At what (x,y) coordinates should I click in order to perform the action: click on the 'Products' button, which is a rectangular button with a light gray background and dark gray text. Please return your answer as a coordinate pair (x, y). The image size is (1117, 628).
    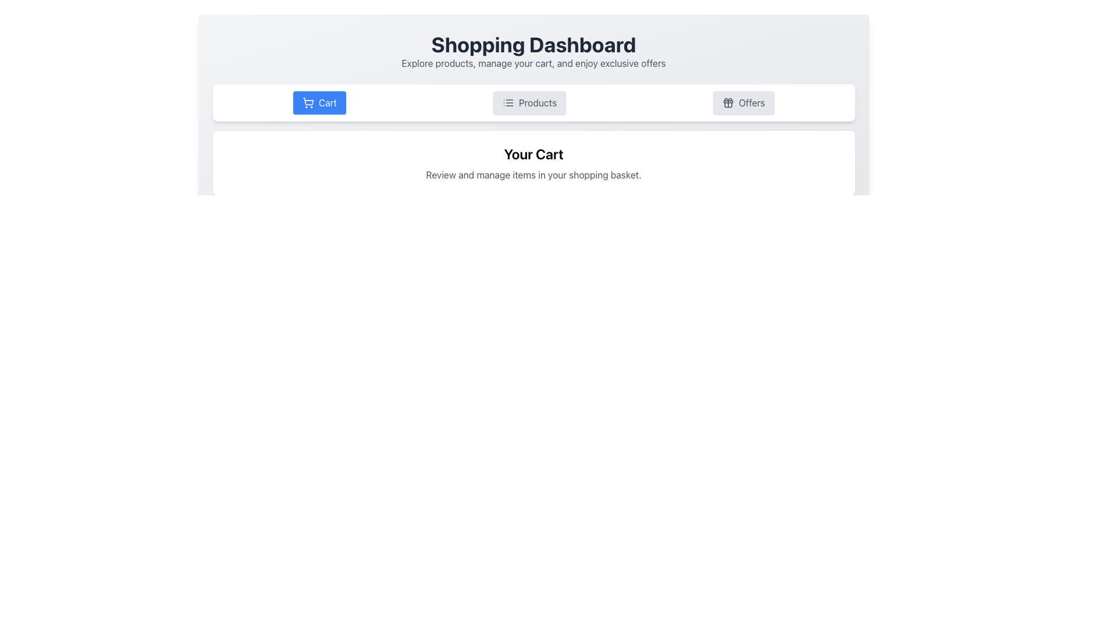
    Looking at the image, I should click on (529, 102).